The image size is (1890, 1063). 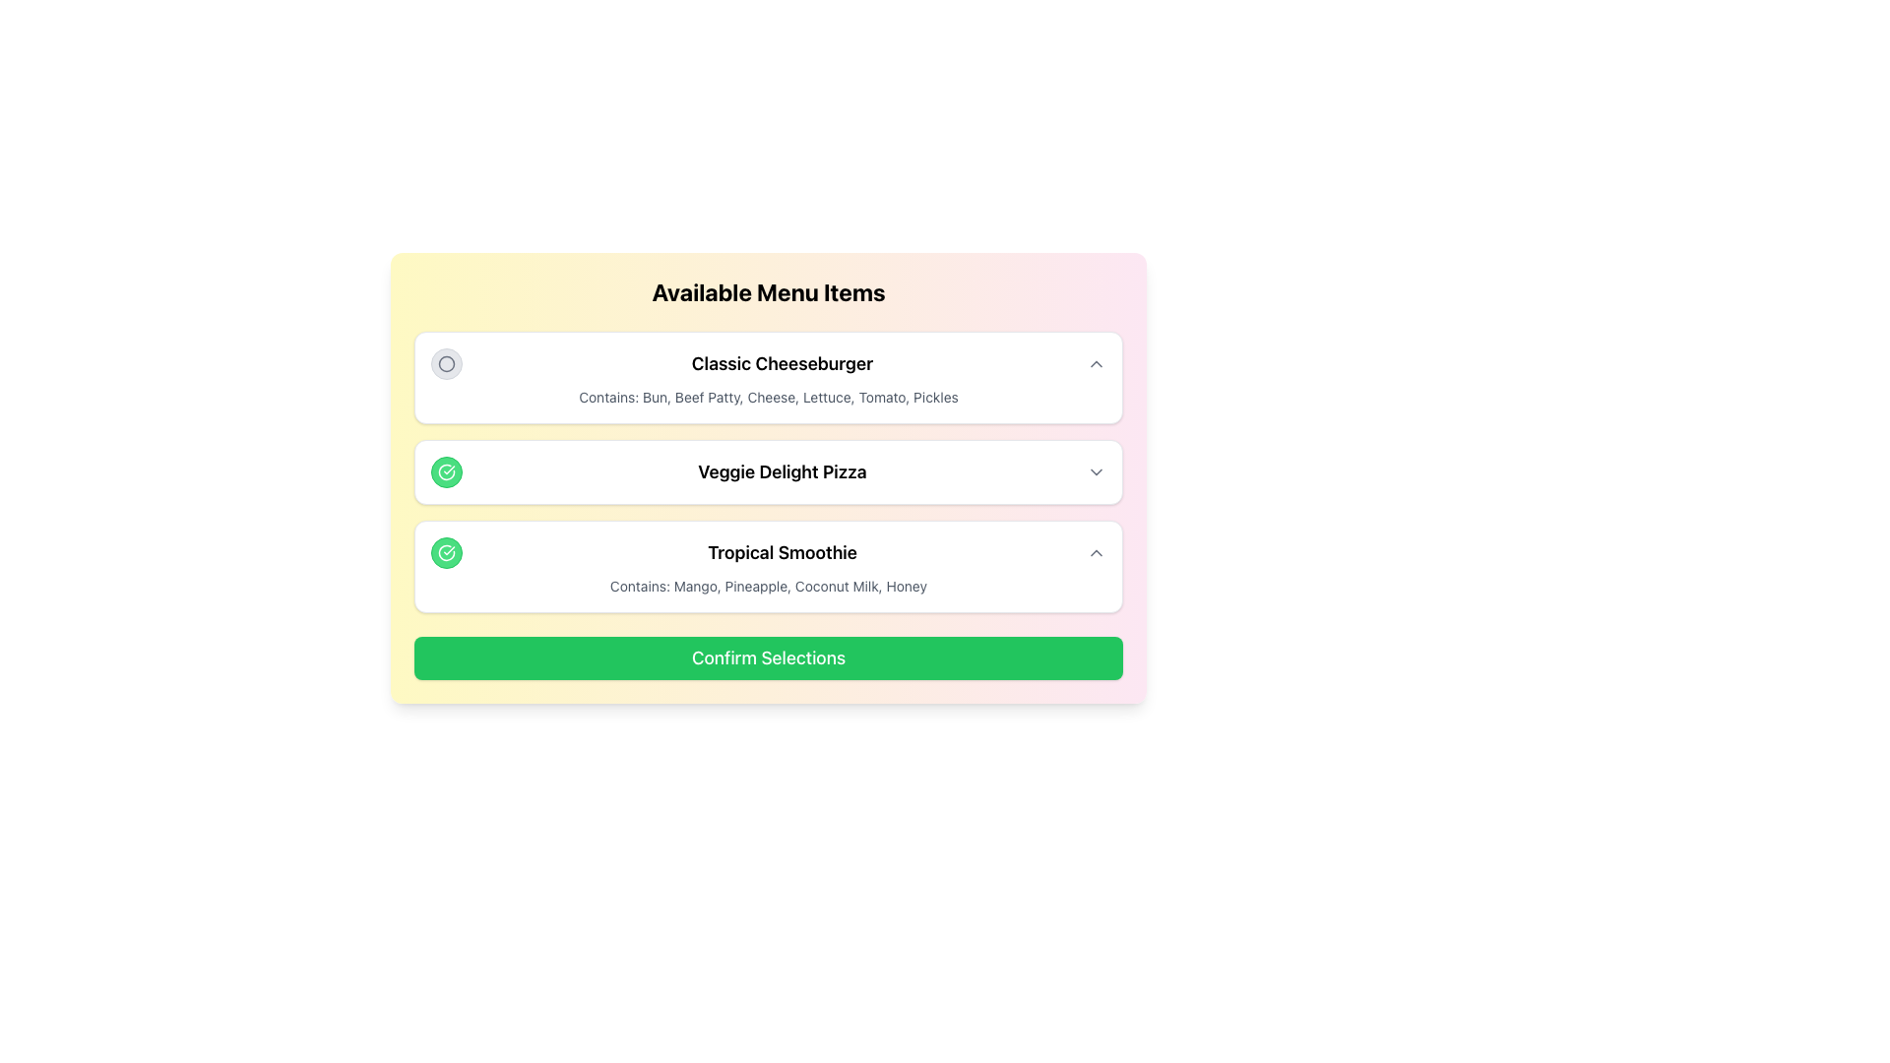 I want to click on the button with an upward-pointing triangle icon that is positioned to the far right of the 'Classic Cheeseburger' text, so click(x=1095, y=364).